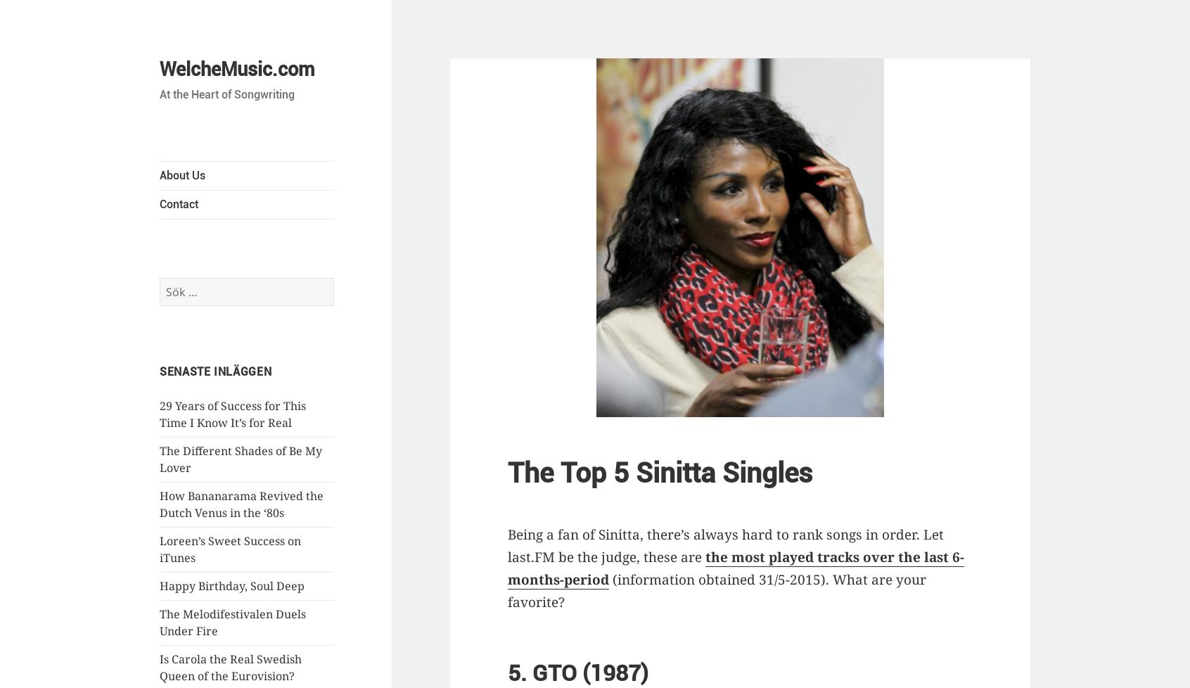 This screenshot has width=1190, height=688. Describe the element at coordinates (231, 414) in the screenshot. I see `'29 Years of Success for This Time I Know It’s for Real'` at that location.